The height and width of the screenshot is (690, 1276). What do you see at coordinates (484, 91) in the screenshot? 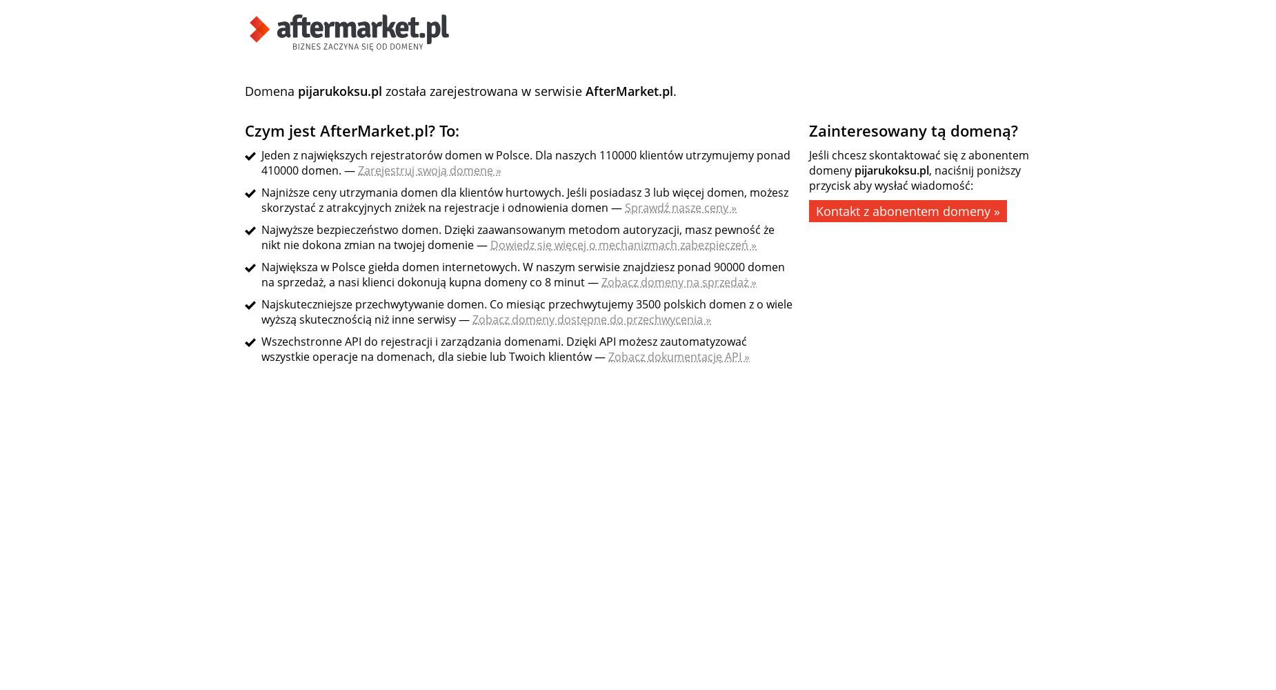
I see `'została zarejestrowana w serwisie'` at bounding box center [484, 91].